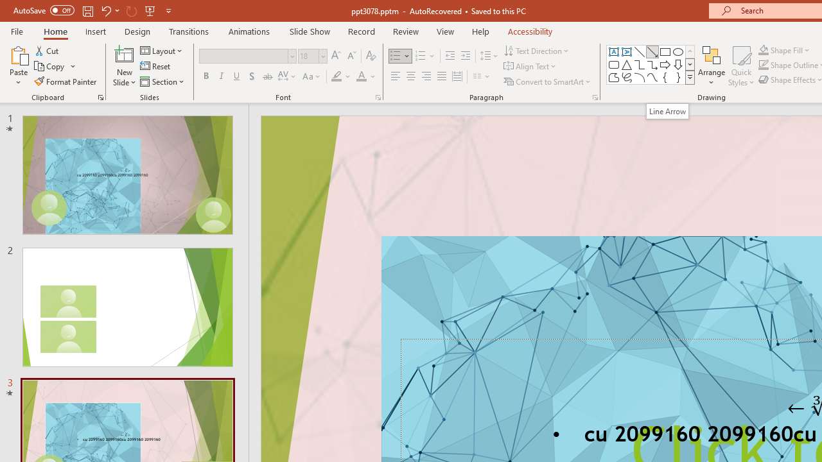  I want to click on 'Section', so click(162, 81).